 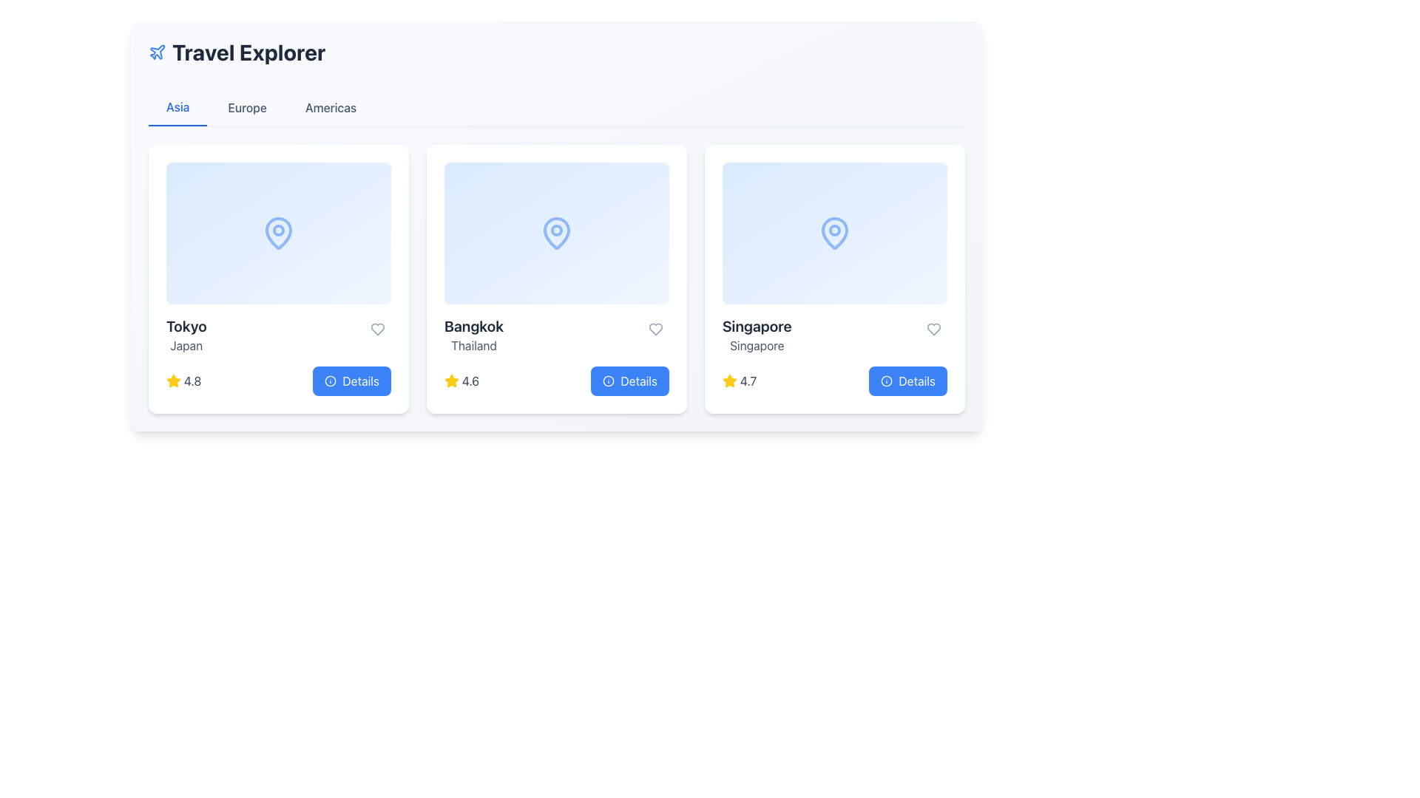 I want to click on the Rating indicator for the 'Tokyo' destination, which features a yellow star symbol and the text '4.8' in dark gray, located in the lower left section of the card, so click(x=183, y=381).